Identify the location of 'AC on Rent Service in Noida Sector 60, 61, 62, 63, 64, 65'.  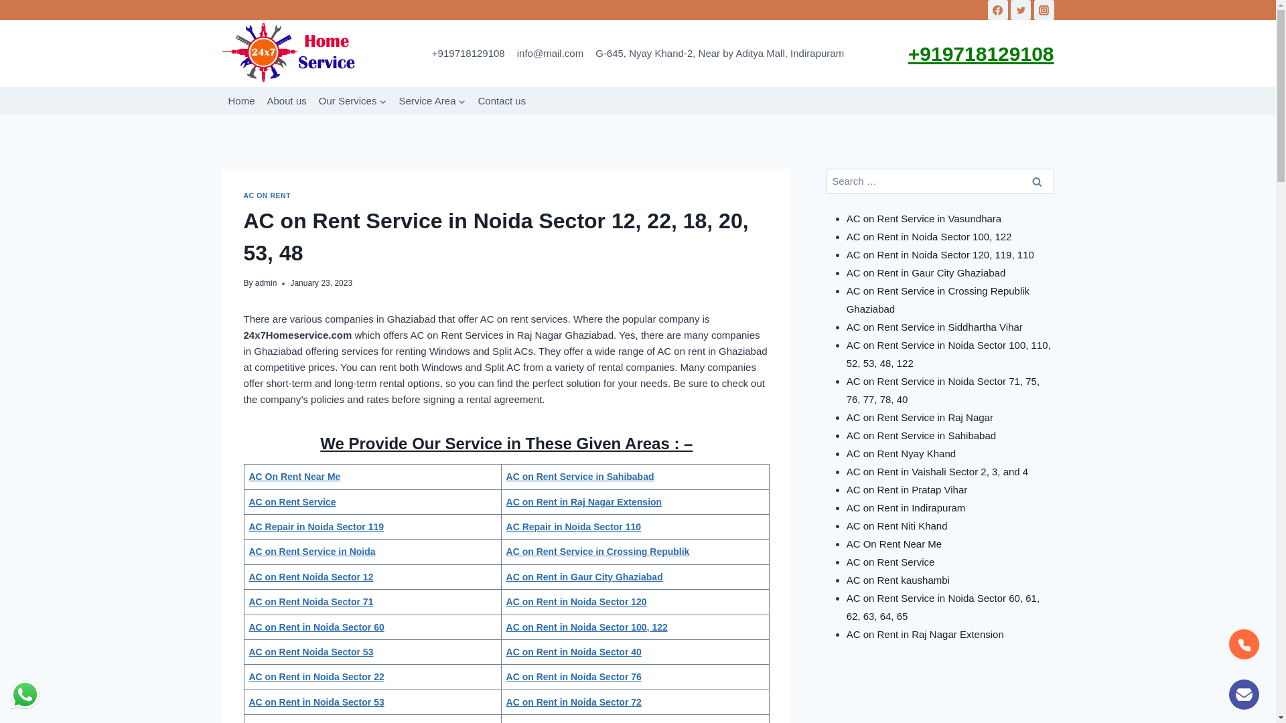
(942, 607).